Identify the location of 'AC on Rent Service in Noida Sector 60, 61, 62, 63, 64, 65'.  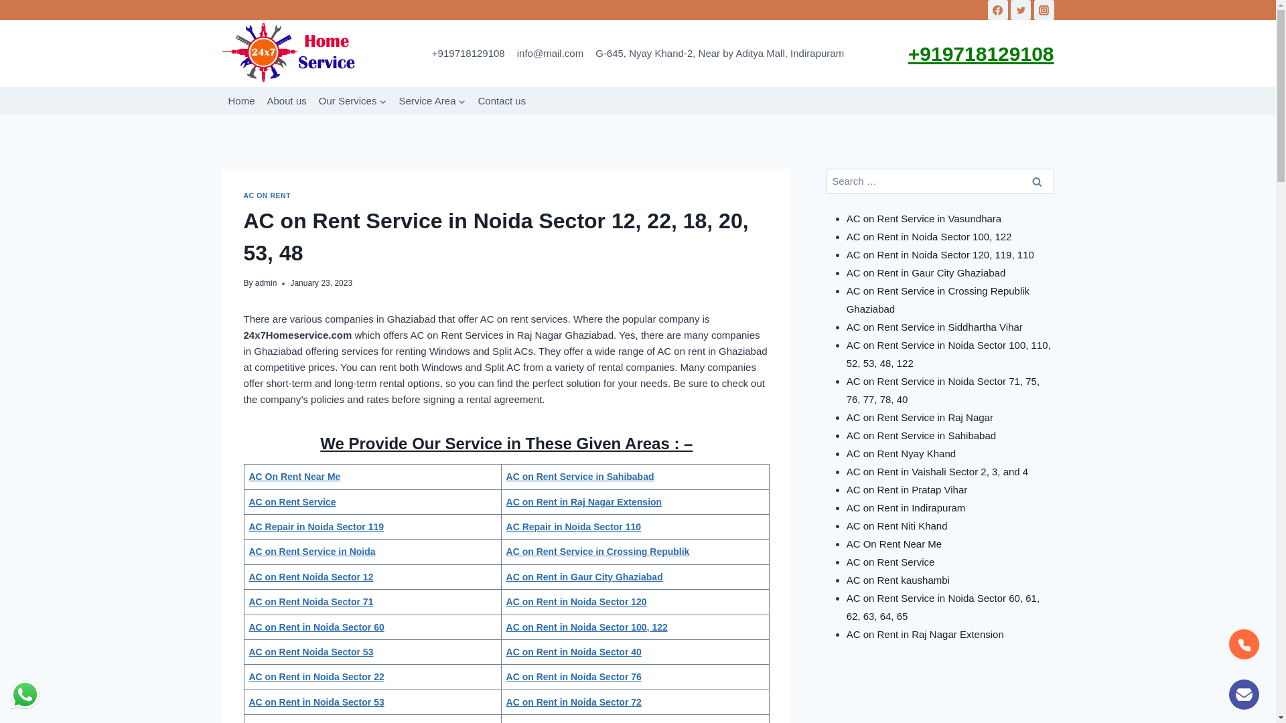
(942, 607).